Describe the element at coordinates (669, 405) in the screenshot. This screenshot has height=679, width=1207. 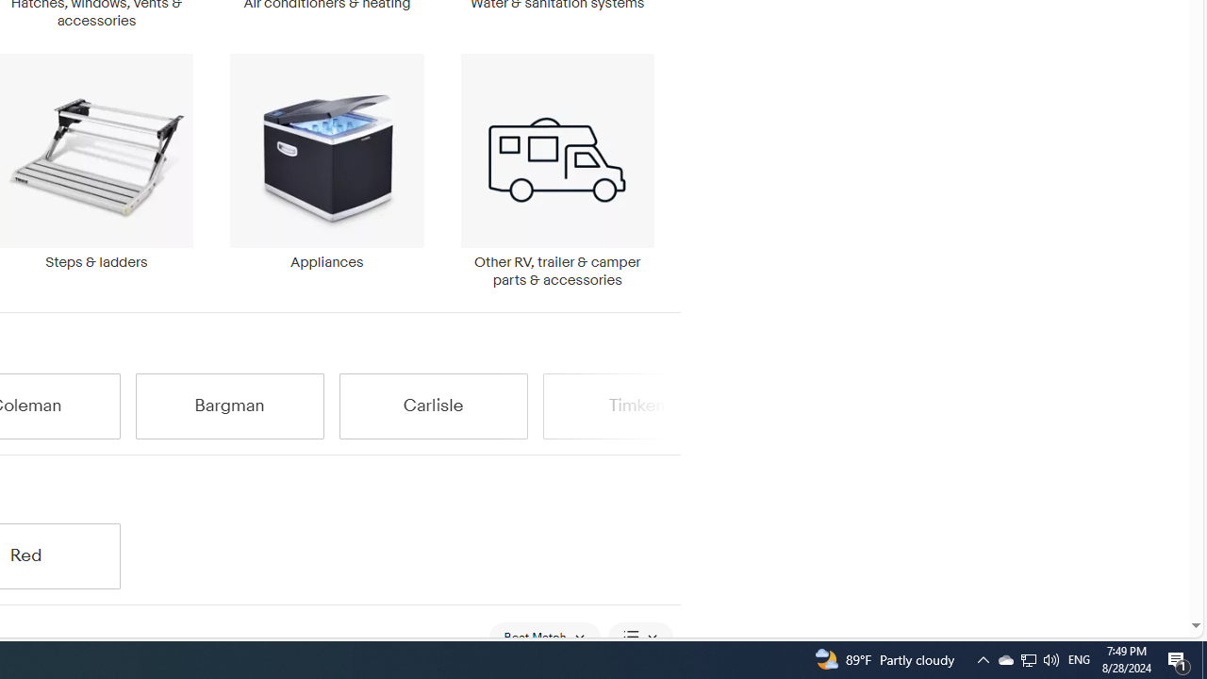
I see `'Go to next slide'` at that location.